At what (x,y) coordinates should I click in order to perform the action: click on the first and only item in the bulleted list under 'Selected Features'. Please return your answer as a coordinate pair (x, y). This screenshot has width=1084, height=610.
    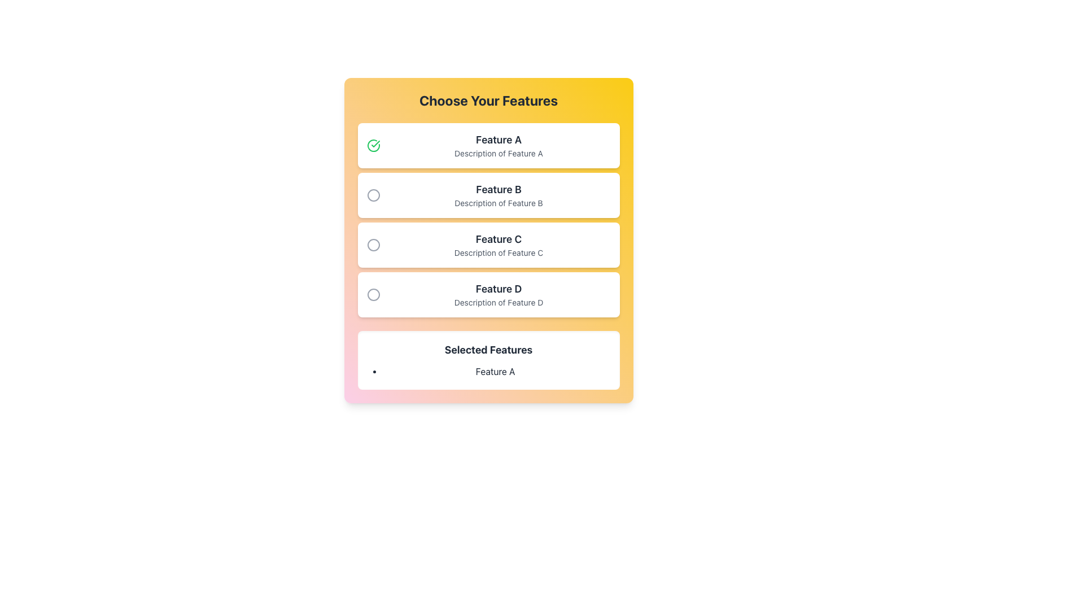
    Looking at the image, I should click on (488, 372).